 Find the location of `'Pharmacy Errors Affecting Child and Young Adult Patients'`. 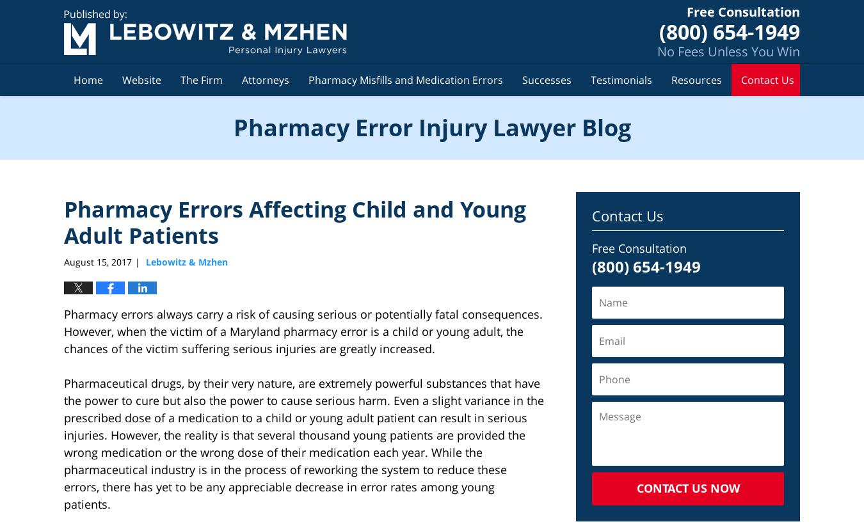

'Pharmacy Errors Affecting Child and Young Adult Patients' is located at coordinates (294, 221).